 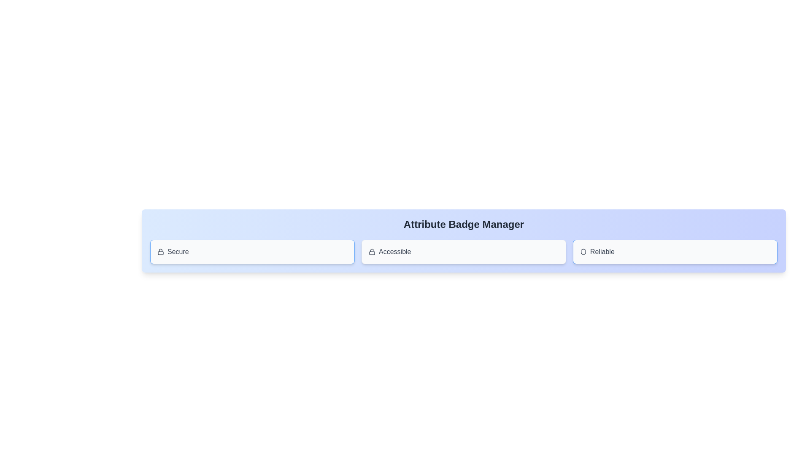 I want to click on the badge labeled Accessible to toggle its active state, so click(x=463, y=251).